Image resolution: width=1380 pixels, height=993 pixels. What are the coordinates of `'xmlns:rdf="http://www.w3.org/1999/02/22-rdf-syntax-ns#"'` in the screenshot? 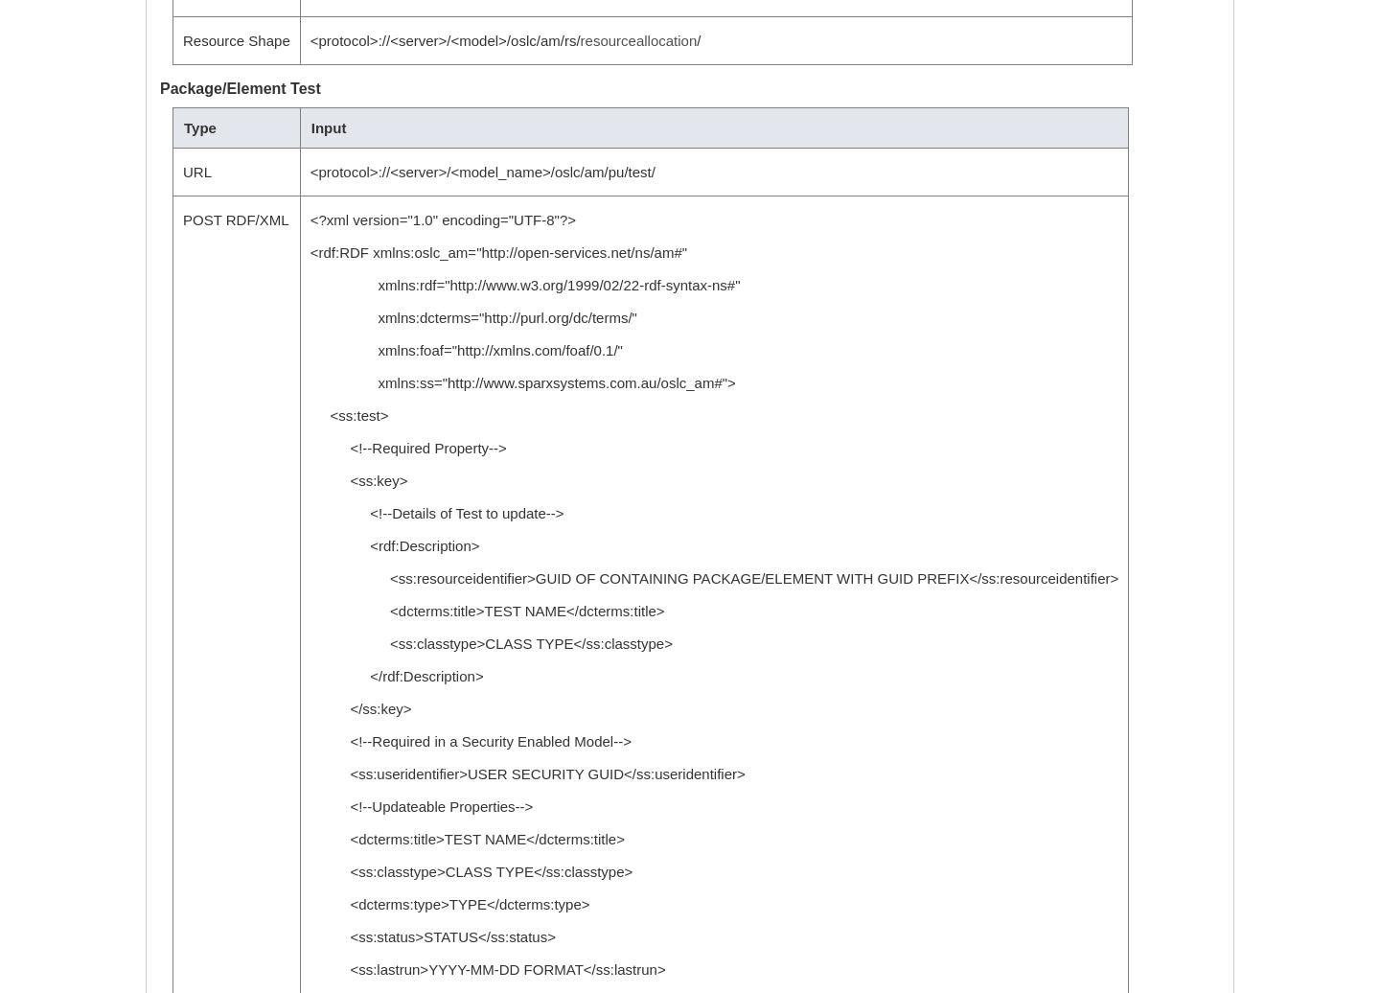 It's located at (524, 285).